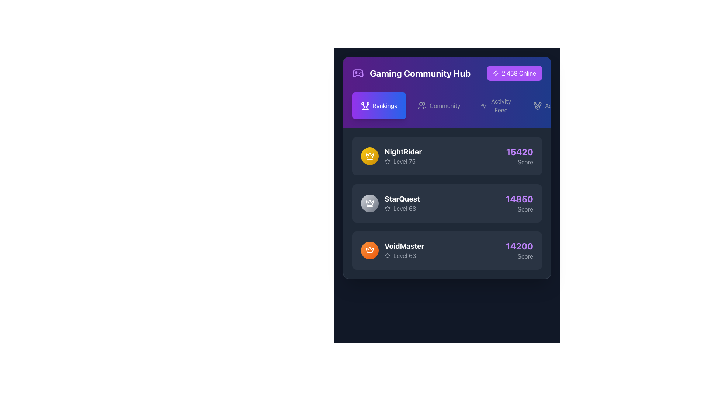  I want to click on the 'StarQuest' text label, which is displayed in bold and large white font on a dark background, so click(402, 199).